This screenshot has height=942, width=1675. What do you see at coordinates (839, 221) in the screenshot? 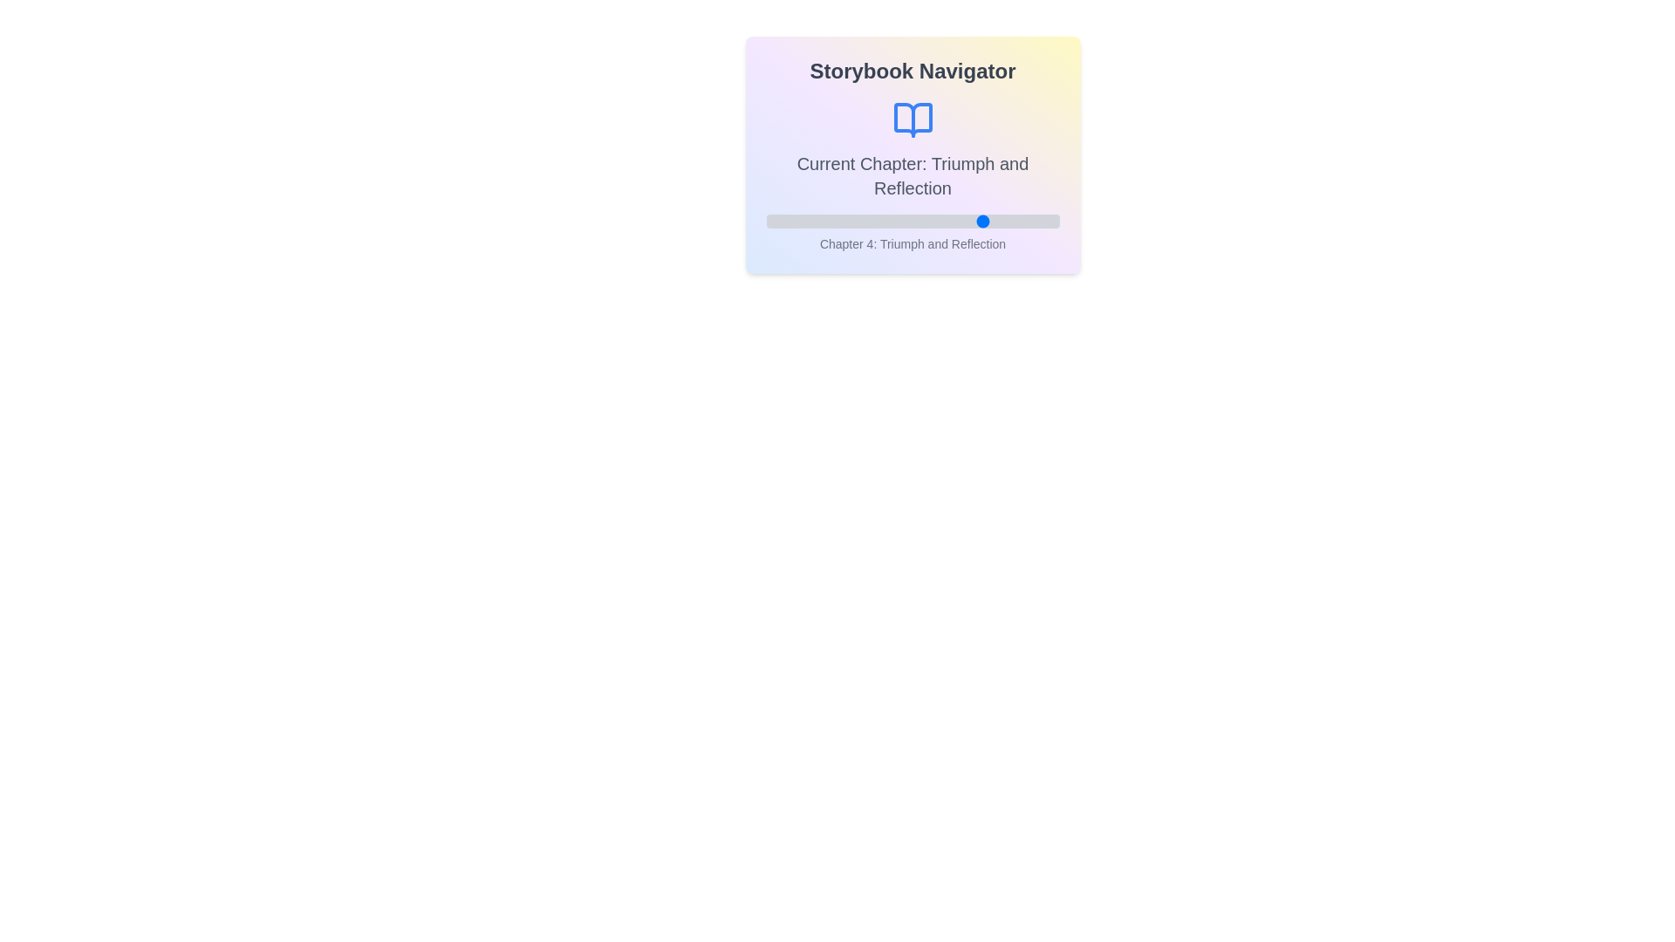
I see `the chapter slider to set the chapter to 2` at bounding box center [839, 221].